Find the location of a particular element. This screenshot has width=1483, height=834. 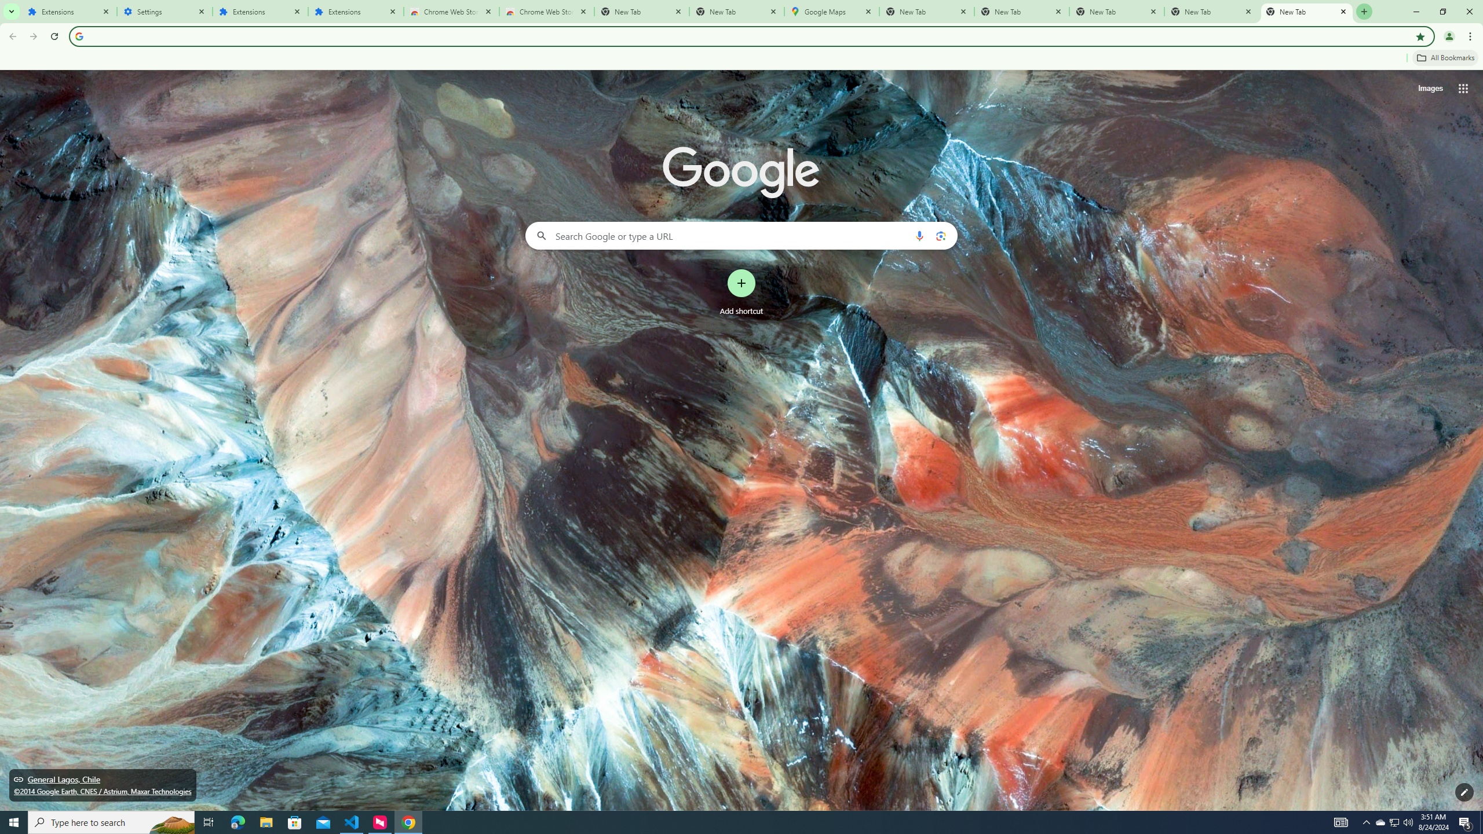

'New Tab' is located at coordinates (1306, 11).